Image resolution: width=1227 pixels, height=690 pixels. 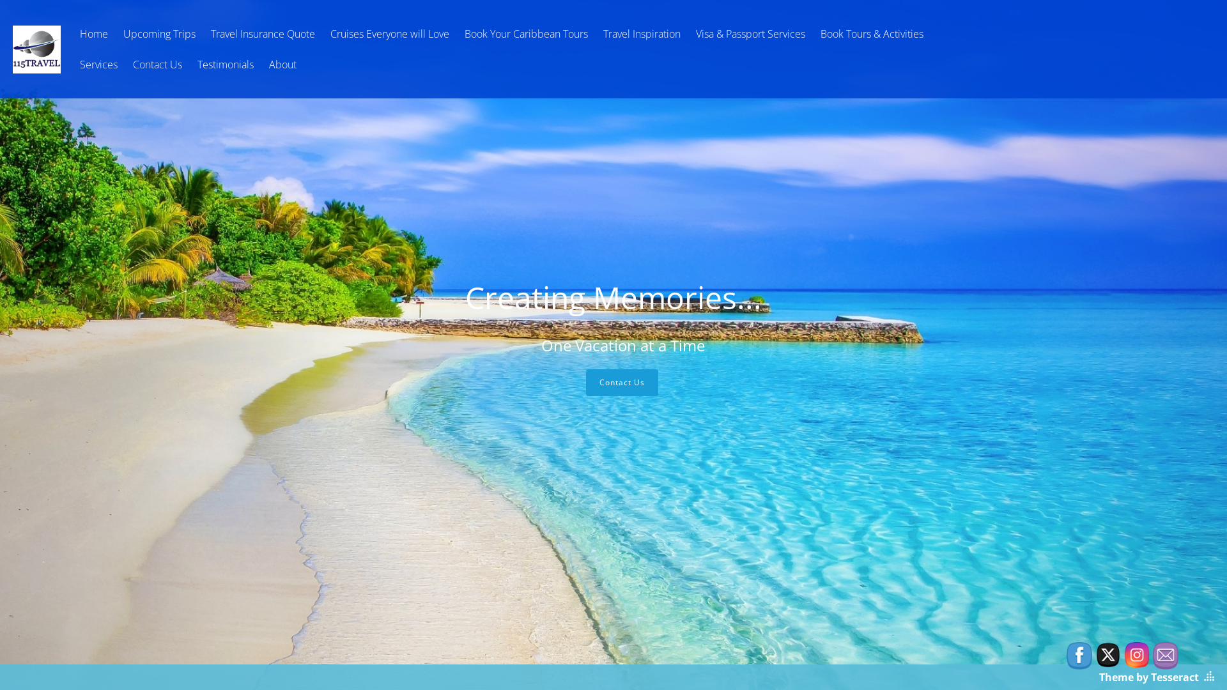 What do you see at coordinates (324, 33) in the screenshot?
I see `'Cruises Everyone will Love'` at bounding box center [324, 33].